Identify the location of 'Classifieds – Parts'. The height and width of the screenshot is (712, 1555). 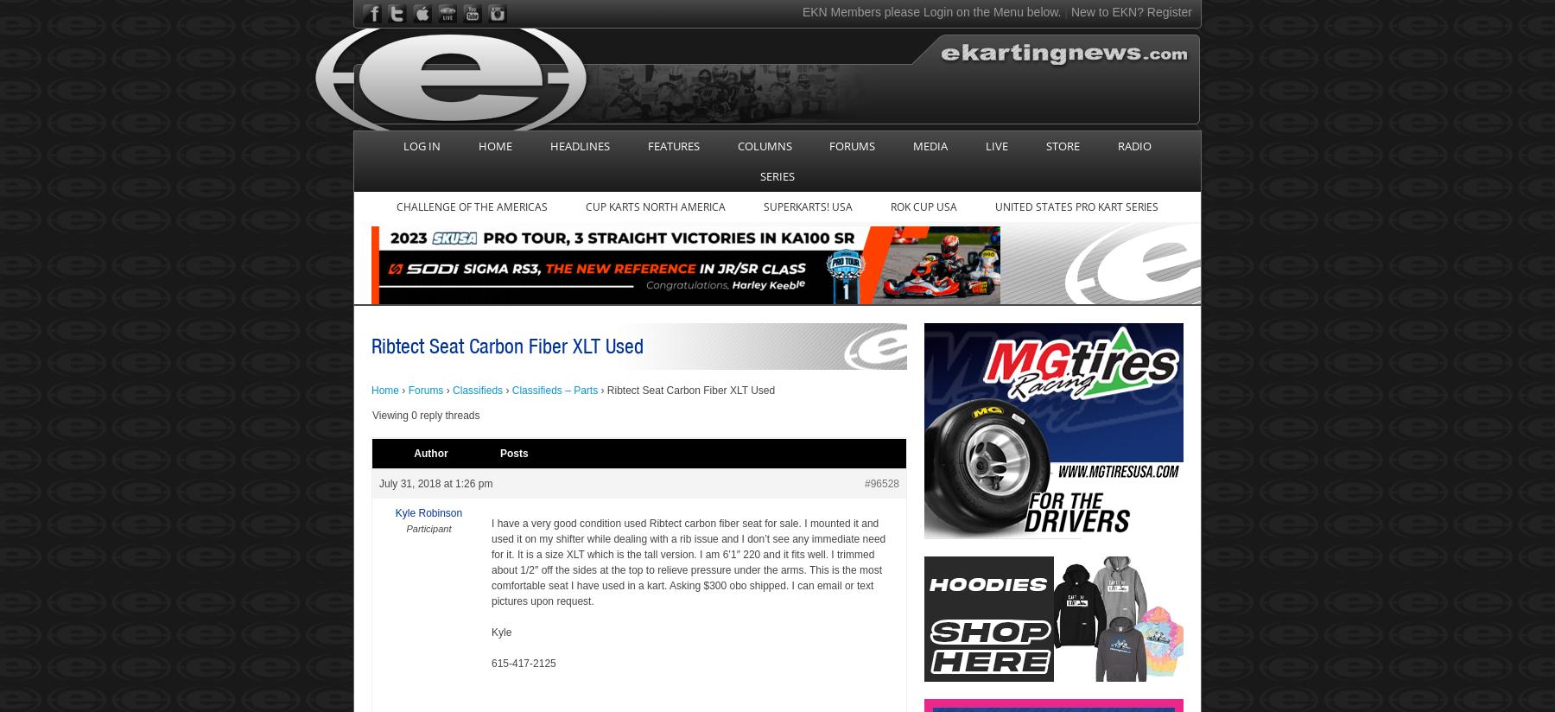
(555, 389).